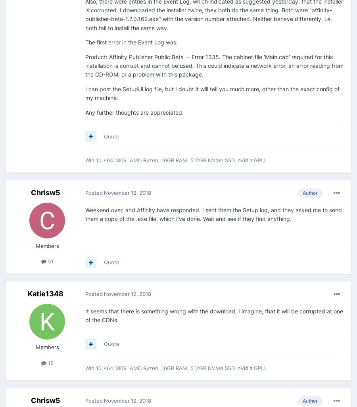  I want to click on '51', so click(46, 261).